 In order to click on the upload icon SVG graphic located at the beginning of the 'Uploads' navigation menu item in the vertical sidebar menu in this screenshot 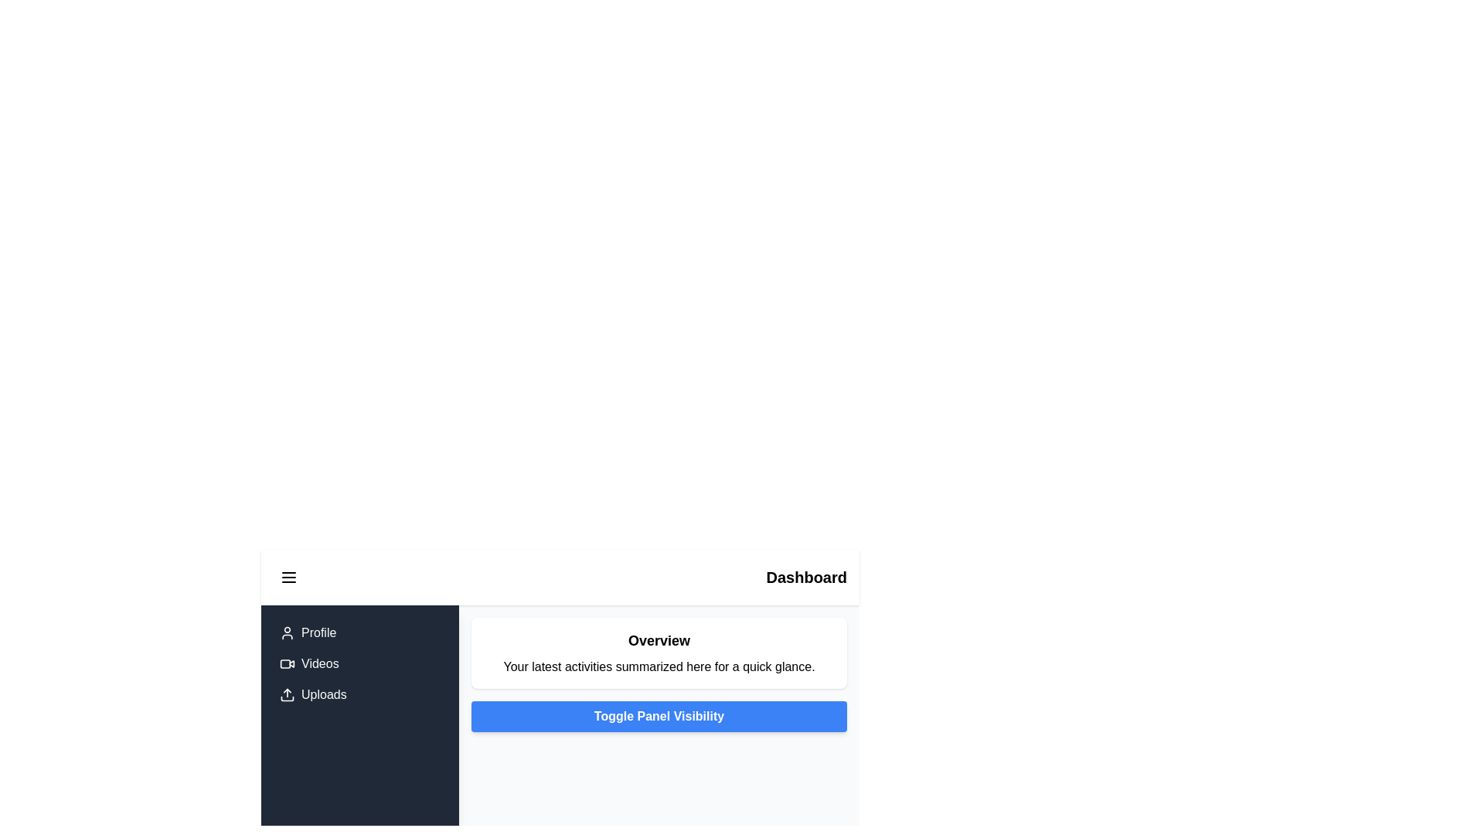, I will do `click(288, 694)`.